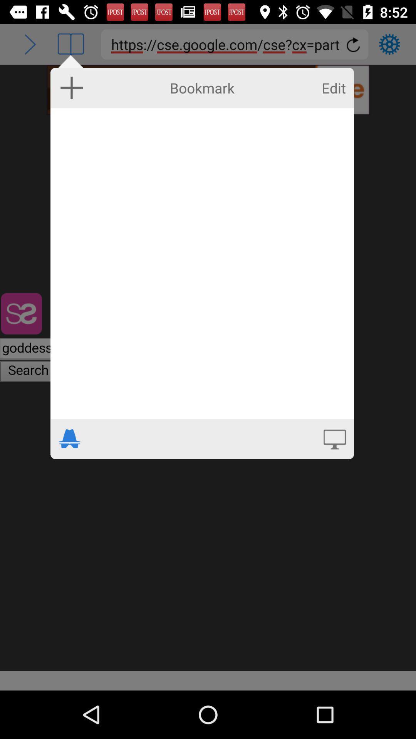 The image size is (416, 739). I want to click on the item at the center, so click(201, 263).